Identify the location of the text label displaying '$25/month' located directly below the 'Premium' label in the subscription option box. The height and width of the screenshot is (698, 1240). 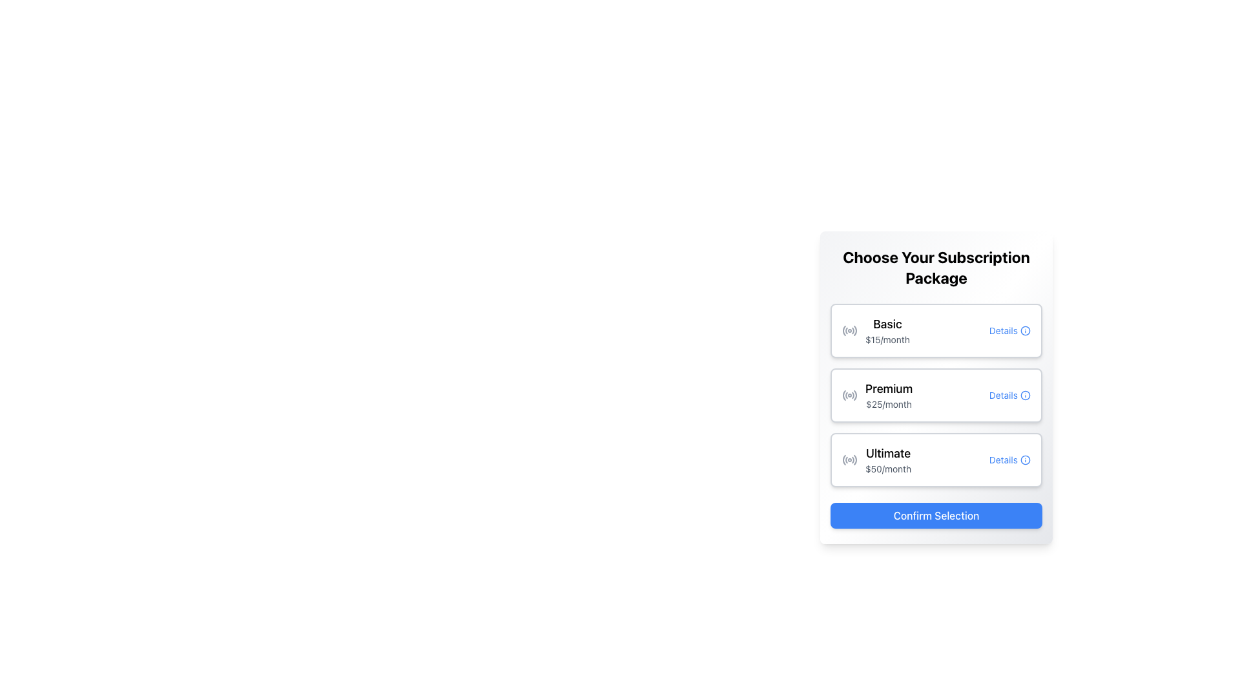
(888, 403).